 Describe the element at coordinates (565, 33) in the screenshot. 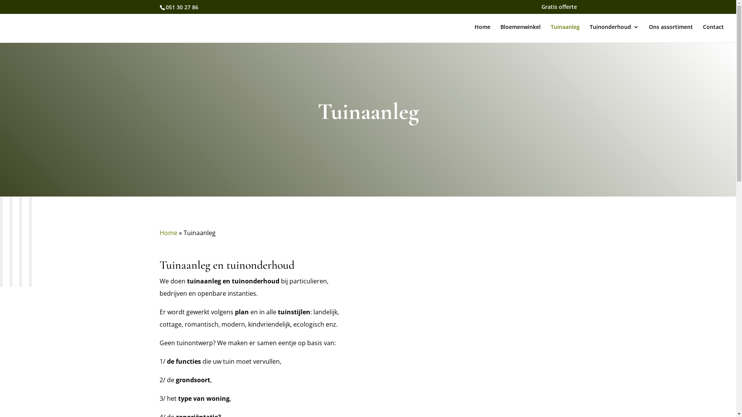

I see `'Tuinaanleg'` at that location.